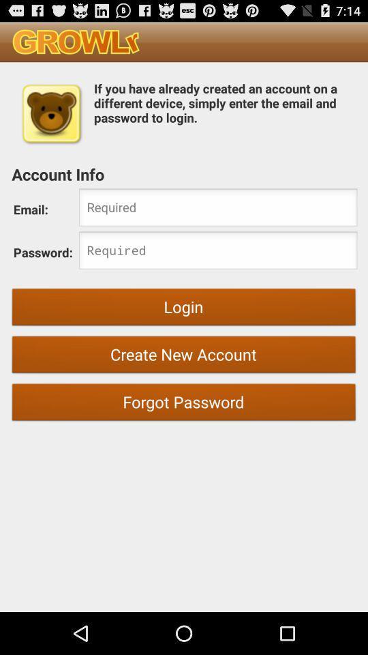 The height and width of the screenshot is (655, 368). What do you see at coordinates (184, 404) in the screenshot?
I see `the forgot password` at bounding box center [184, 404].